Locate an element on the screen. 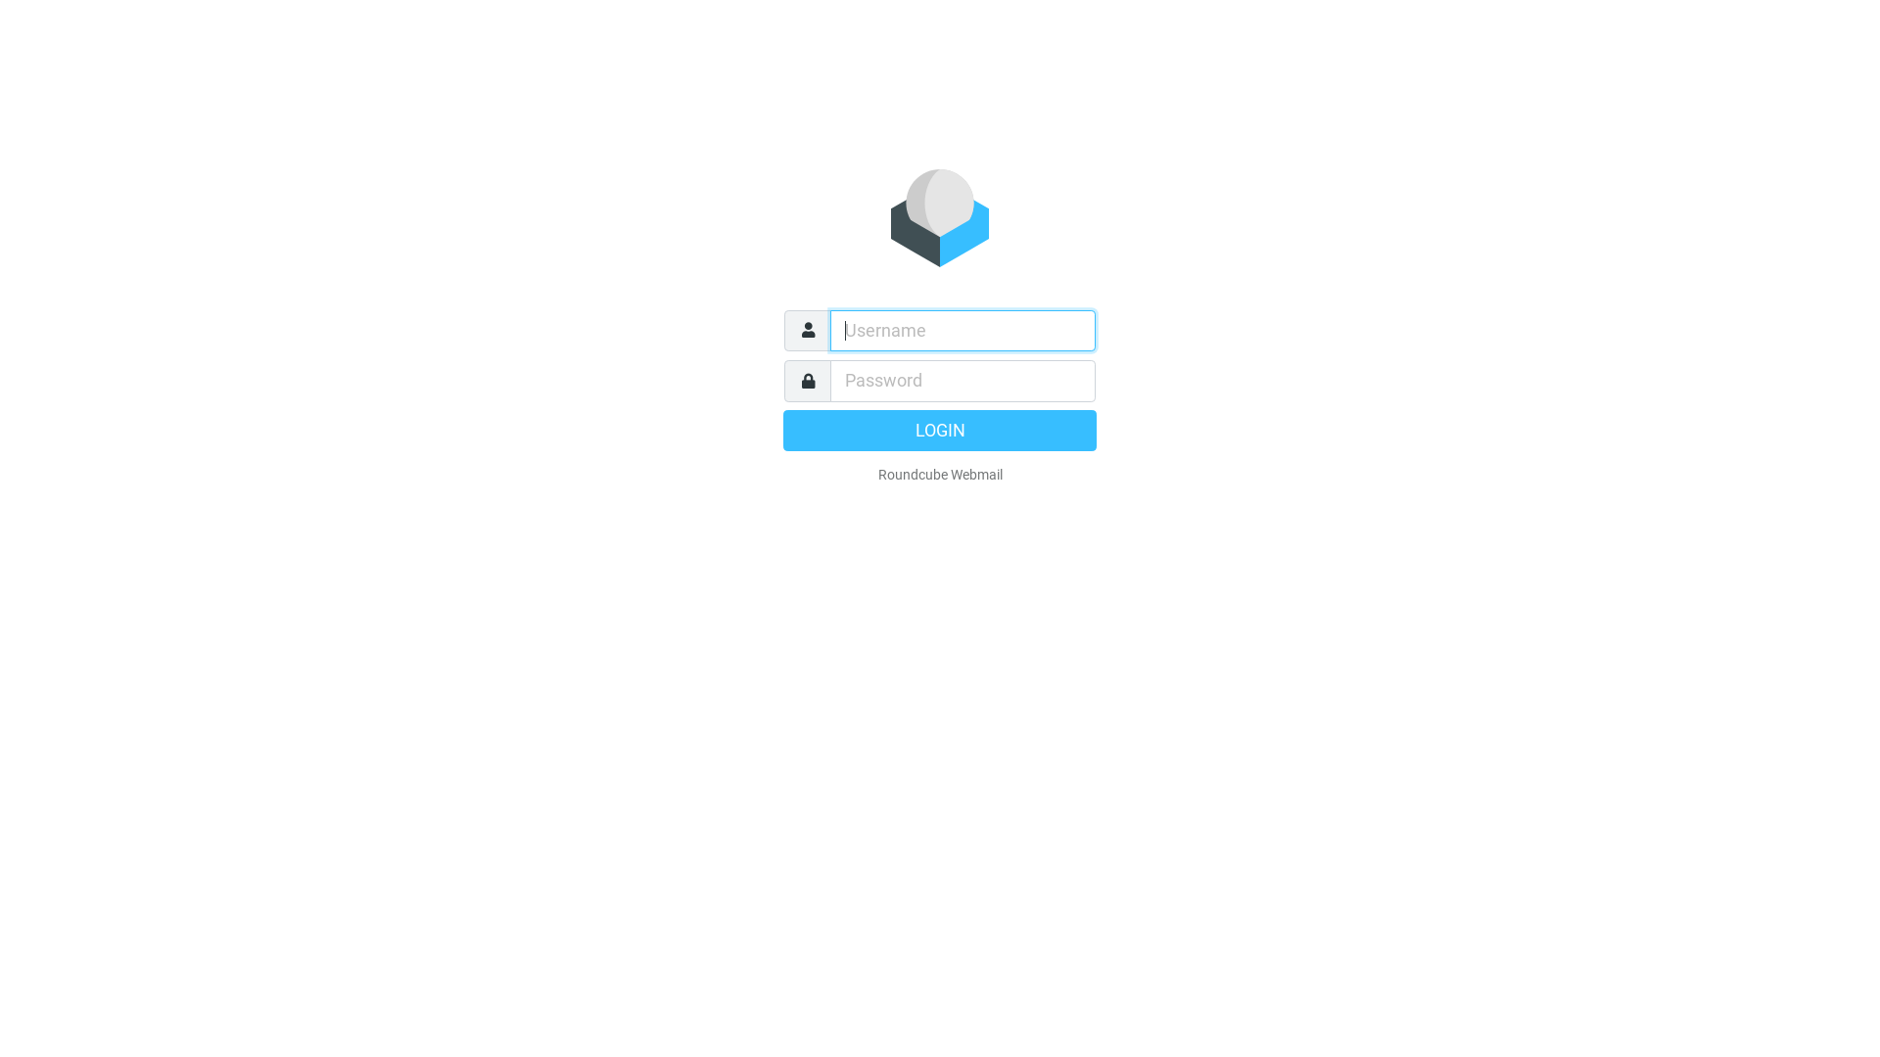  'LOGIN' is located at coordinates (940, 429).